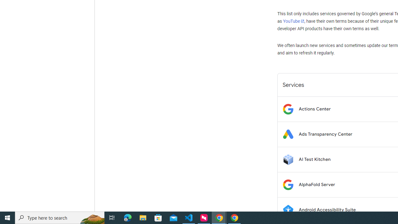 This screenshot has width=398, height=224. Describe the element at coordinates (288, 210) in the screenshot. I see `'Logo for Android Accessibility Suite'` at that location.